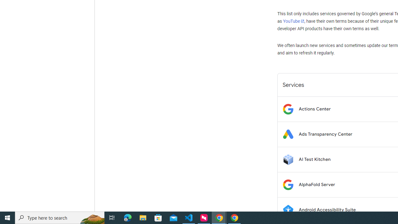 This screenshot has width=398, height=224. Describe the element at coordinates (288, 210) in the screenshot. I see `'Logo for Android Accessibility Suite'` at that location.